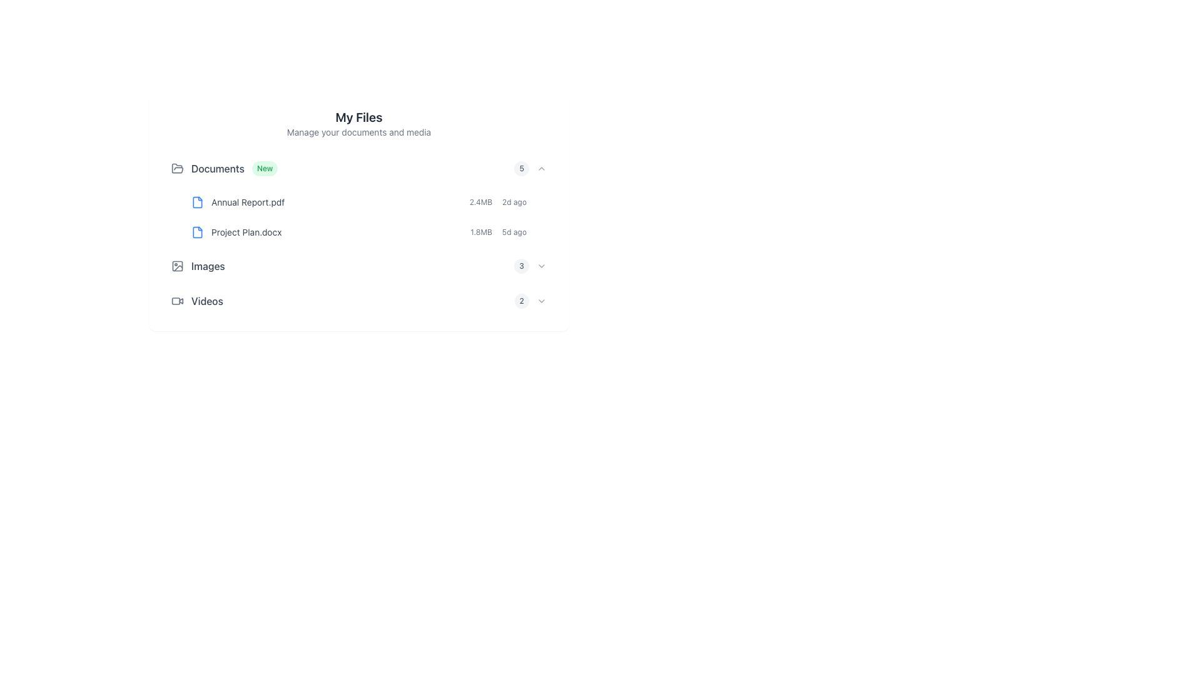 Image resolution: width=1201 pixels, height=675 pixels. What do you see at coordinates (246, 232) in the screenshot?
I see `the text label displaying 'Project Plan.docx' located under the 'Documents' section` at bounding box center [246, 232].